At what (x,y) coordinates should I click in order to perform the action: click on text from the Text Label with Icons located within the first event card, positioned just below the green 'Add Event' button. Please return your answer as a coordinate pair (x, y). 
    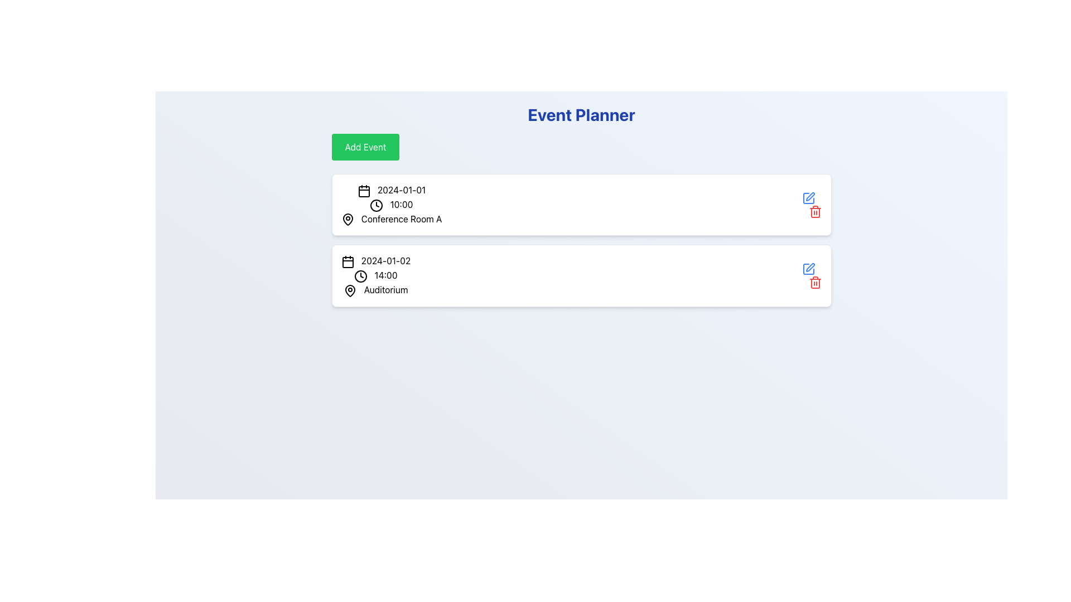
    Looking at the image, I should click on (391, 205).